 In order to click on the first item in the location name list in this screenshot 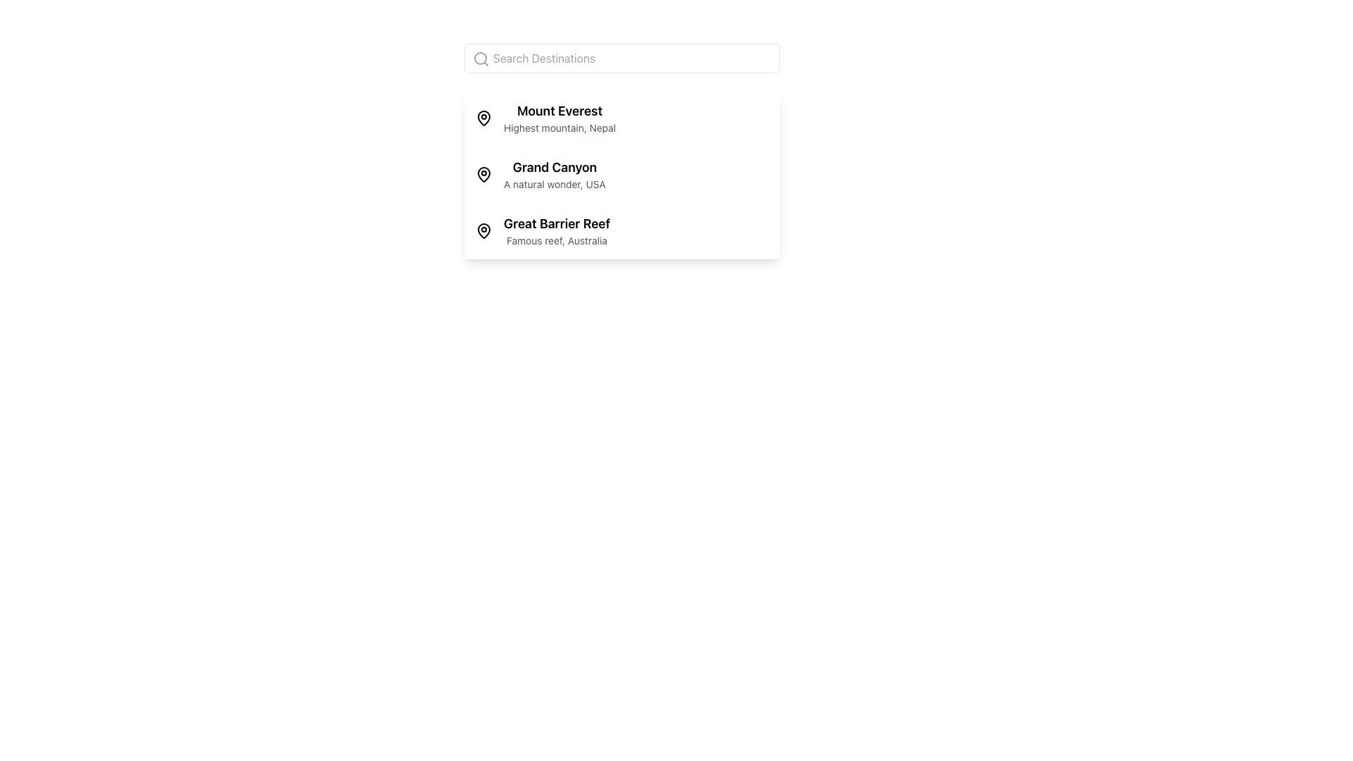, I will do `click(559, 118)`.